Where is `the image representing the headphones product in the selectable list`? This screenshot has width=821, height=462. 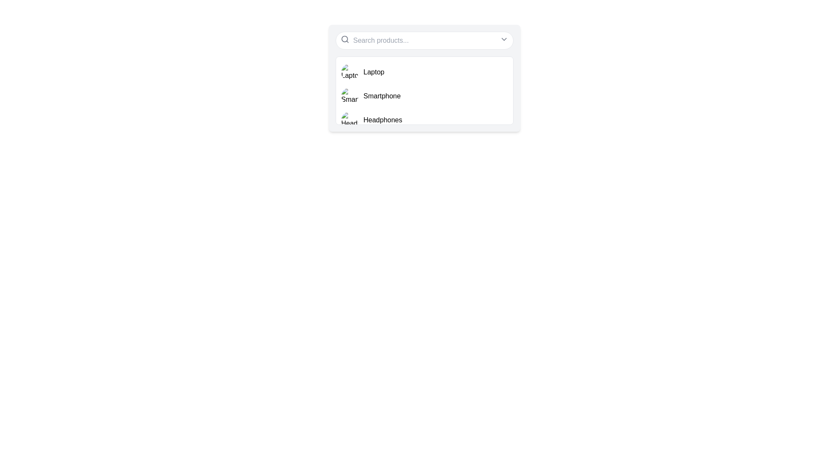 the image representing the headphones product in the selectable list is located at coordinates (349, 120).